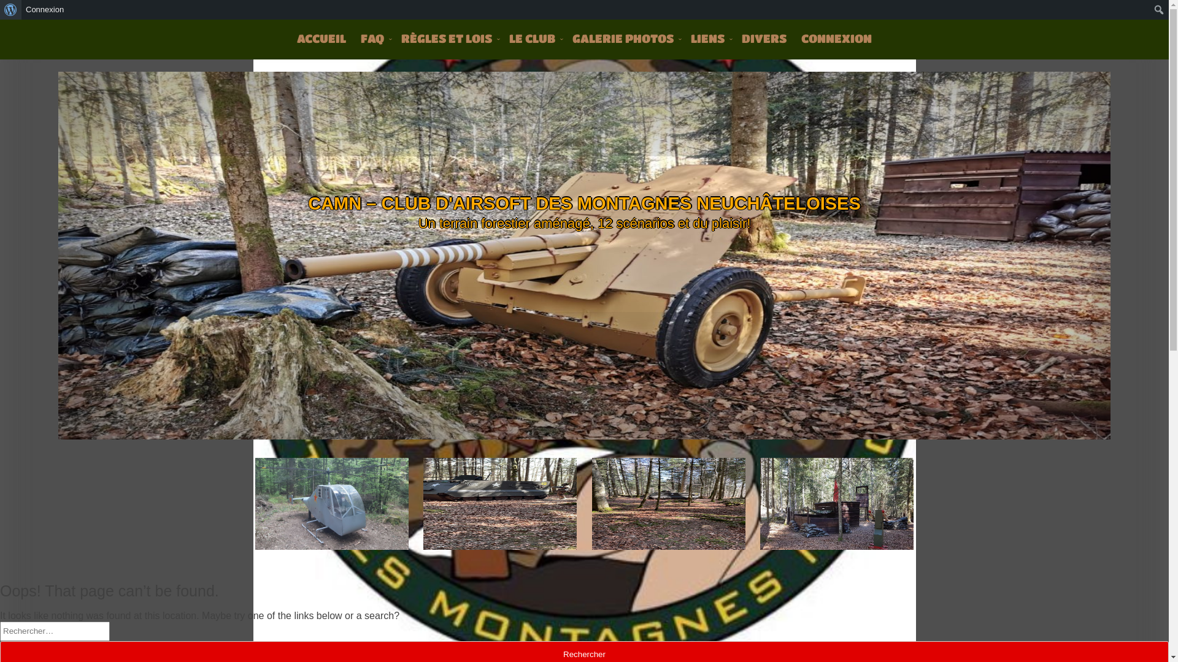  Describe the element at coordinates (321, 37) in the screenshot. I see `'ACCUEIL'` at that location.